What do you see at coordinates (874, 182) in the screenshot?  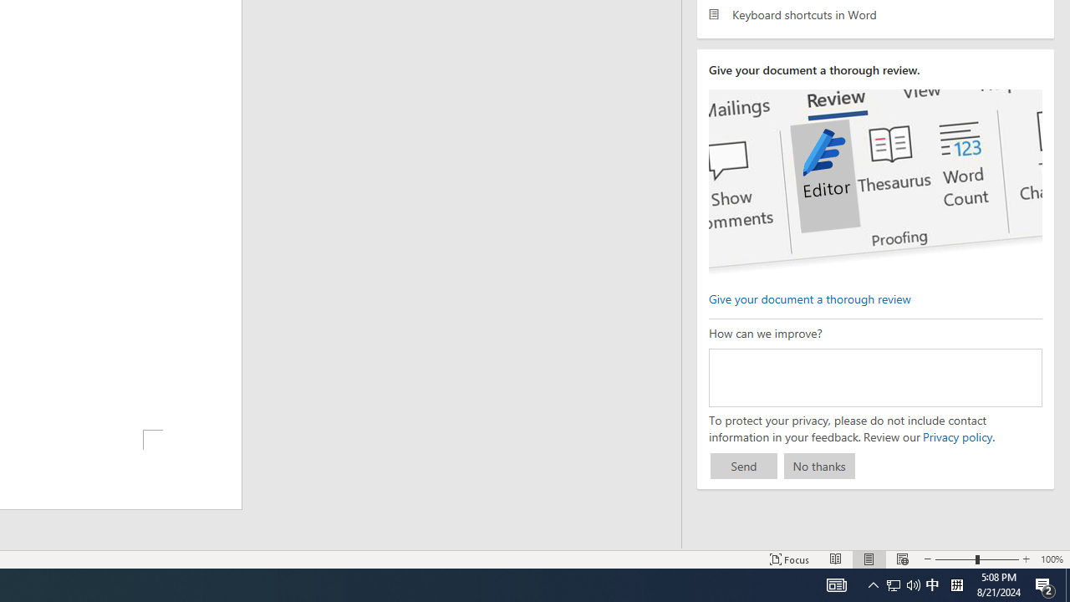 I see `'editor ui screenshot'` at bounding box center [874, 182].